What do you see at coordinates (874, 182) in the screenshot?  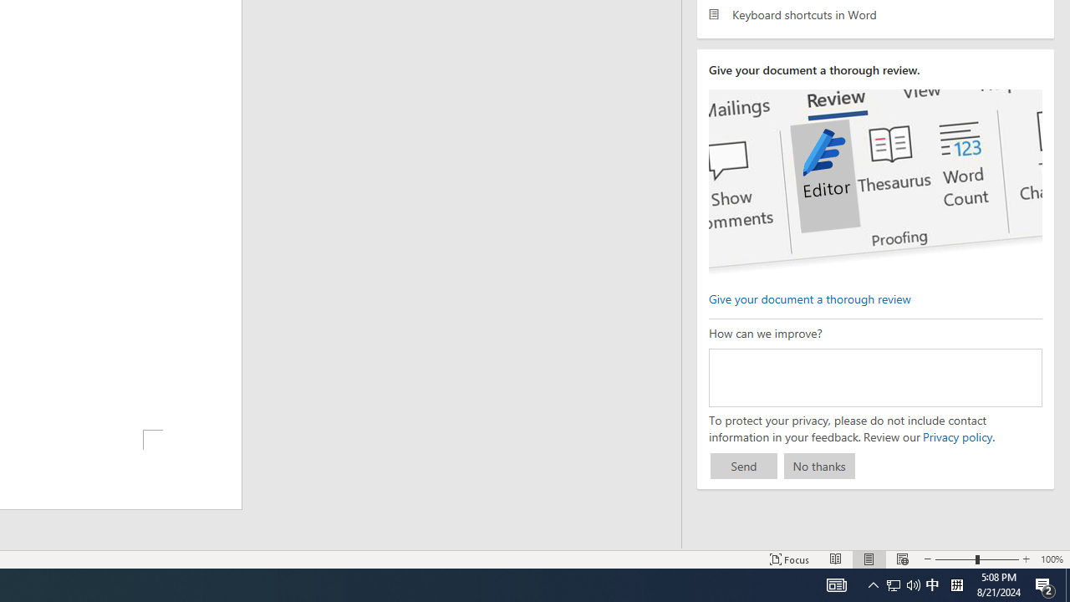 I see `'editor ui screenshot'` at bounding box center [874, 182].